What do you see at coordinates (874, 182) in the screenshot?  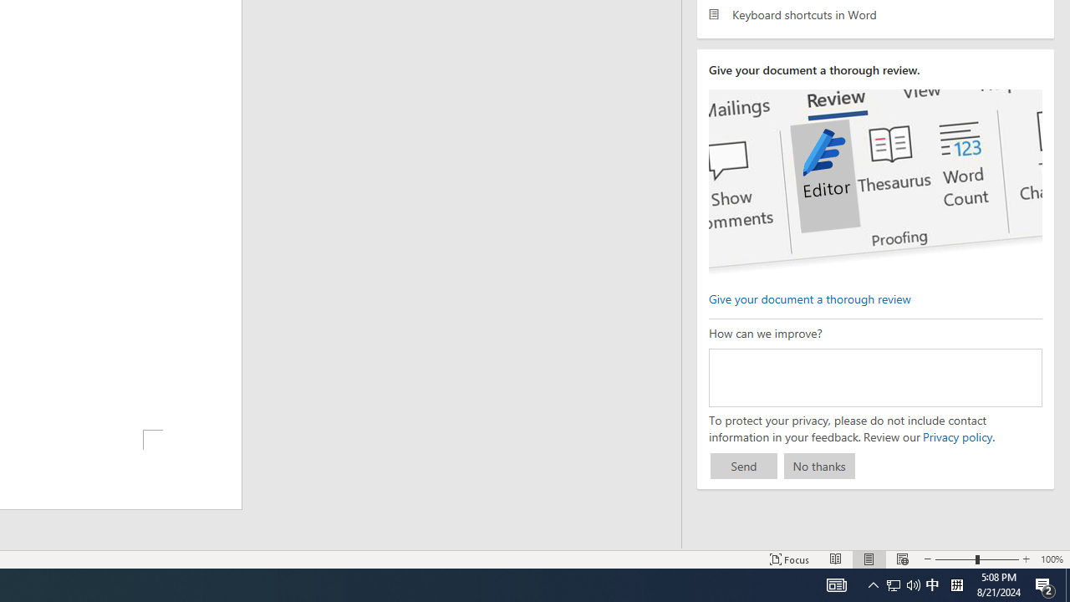 I see `'editor ui screenshot'` at bounding box center [874, 182].